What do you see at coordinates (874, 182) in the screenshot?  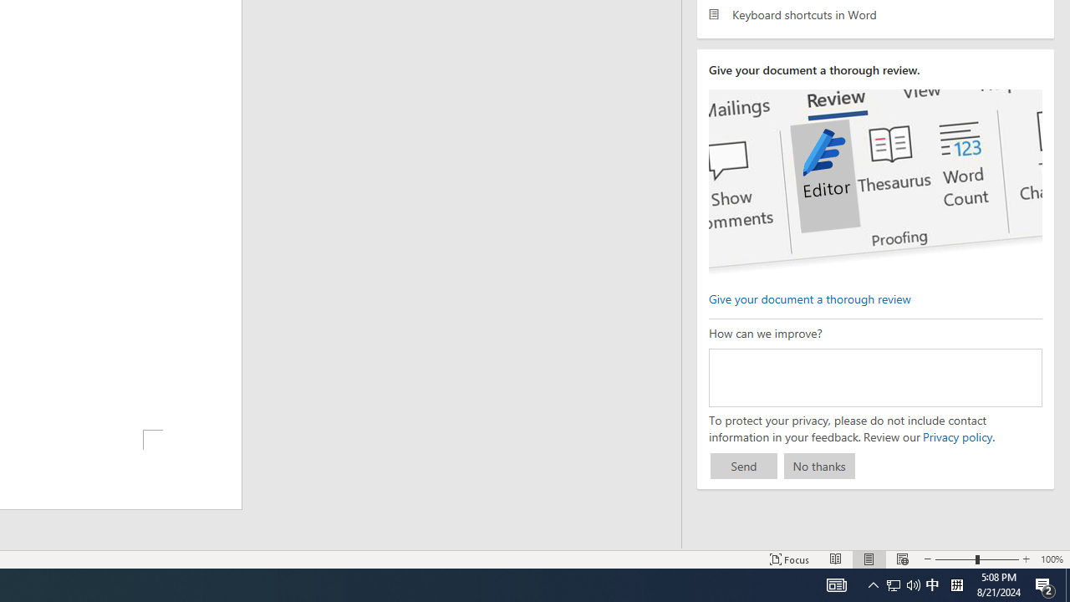 I see `'editor ui screenshot'` at bounding box center [874, 182].